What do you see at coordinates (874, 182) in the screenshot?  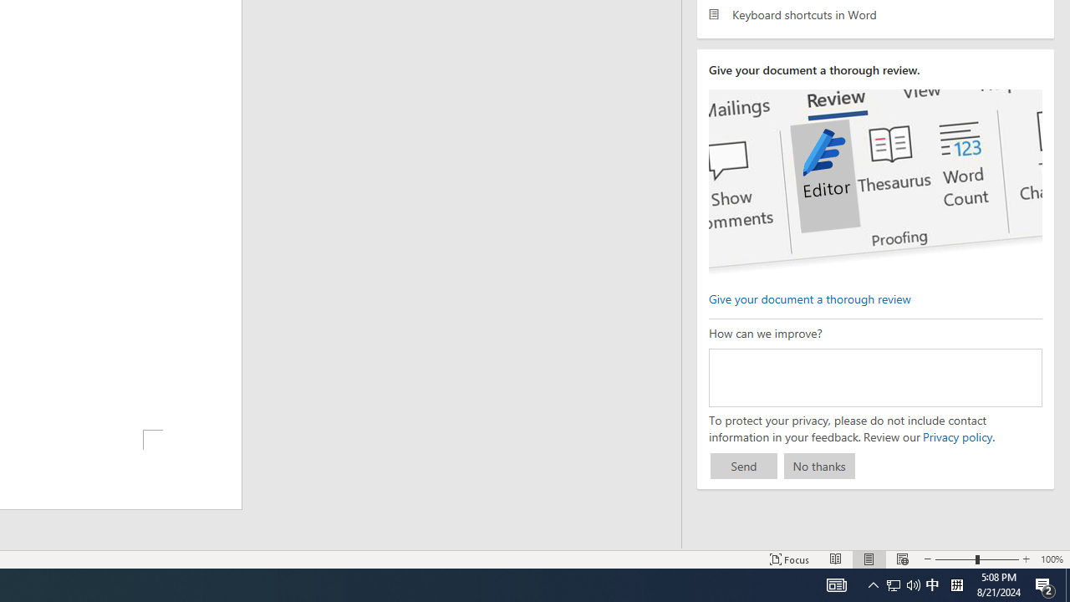 I see `'editor ui screenshot'` at bounding box center [874, 182].